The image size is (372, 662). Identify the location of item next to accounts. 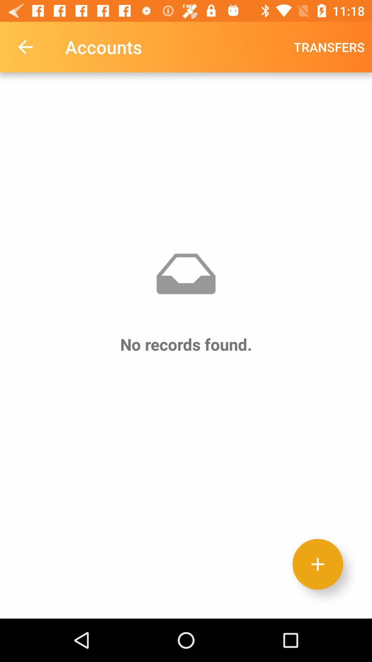
(329, 47).